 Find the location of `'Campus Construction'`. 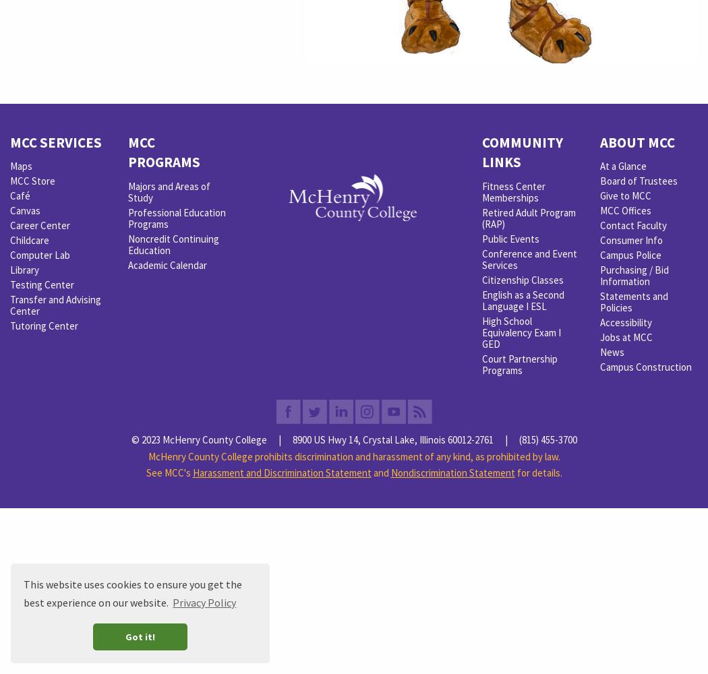

'Campus Construction' is located at coordinates (645, 367).